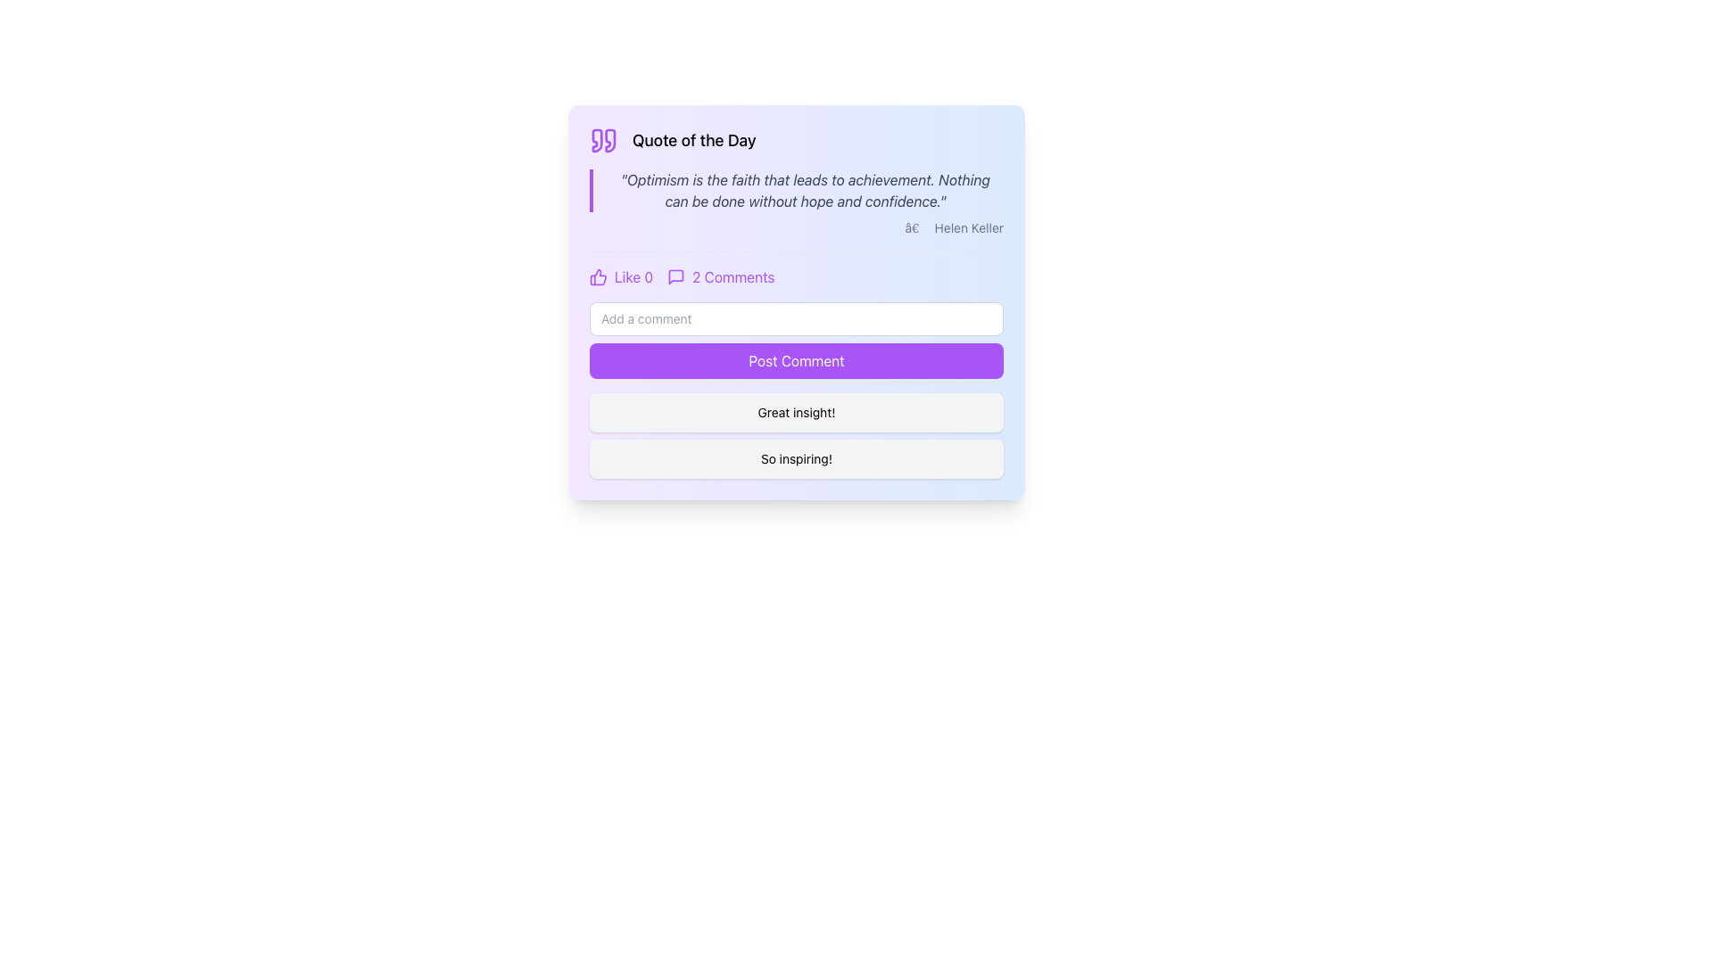 Image resolution: width=1713 pixels, height=963 pixels. Describe the element at coordinates (675, 277) in the screenshot. I see `the speech bubble icon representing the comments section, which is located` at that location.